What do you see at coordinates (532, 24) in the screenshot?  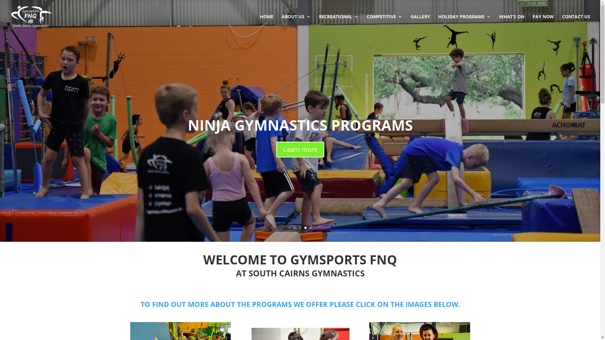 I see `'PAY NOW'` at bounding box center [532, 24].